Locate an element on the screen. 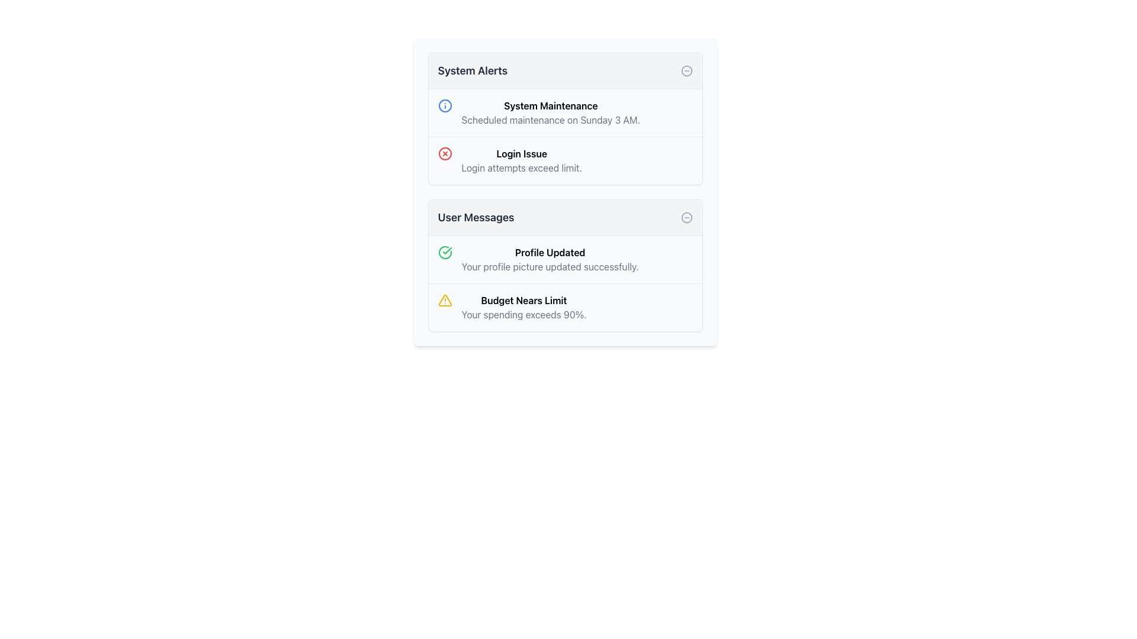 The height and width of the screenshot is (639, 1137). message from the notification item titled 'Budget Nears Limit' with the description 'Your spending exceeds 90%.' is located at coordinates (564, 306).